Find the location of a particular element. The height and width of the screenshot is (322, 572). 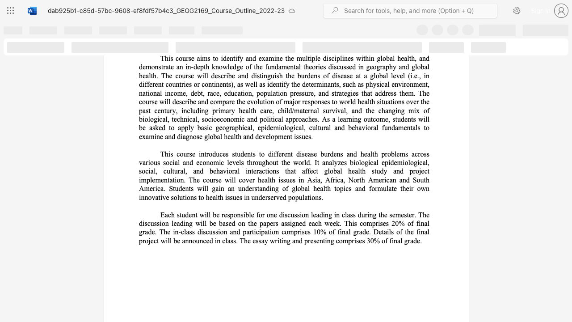

the 1th character "o" in the text is located at coordinates (206, 84).